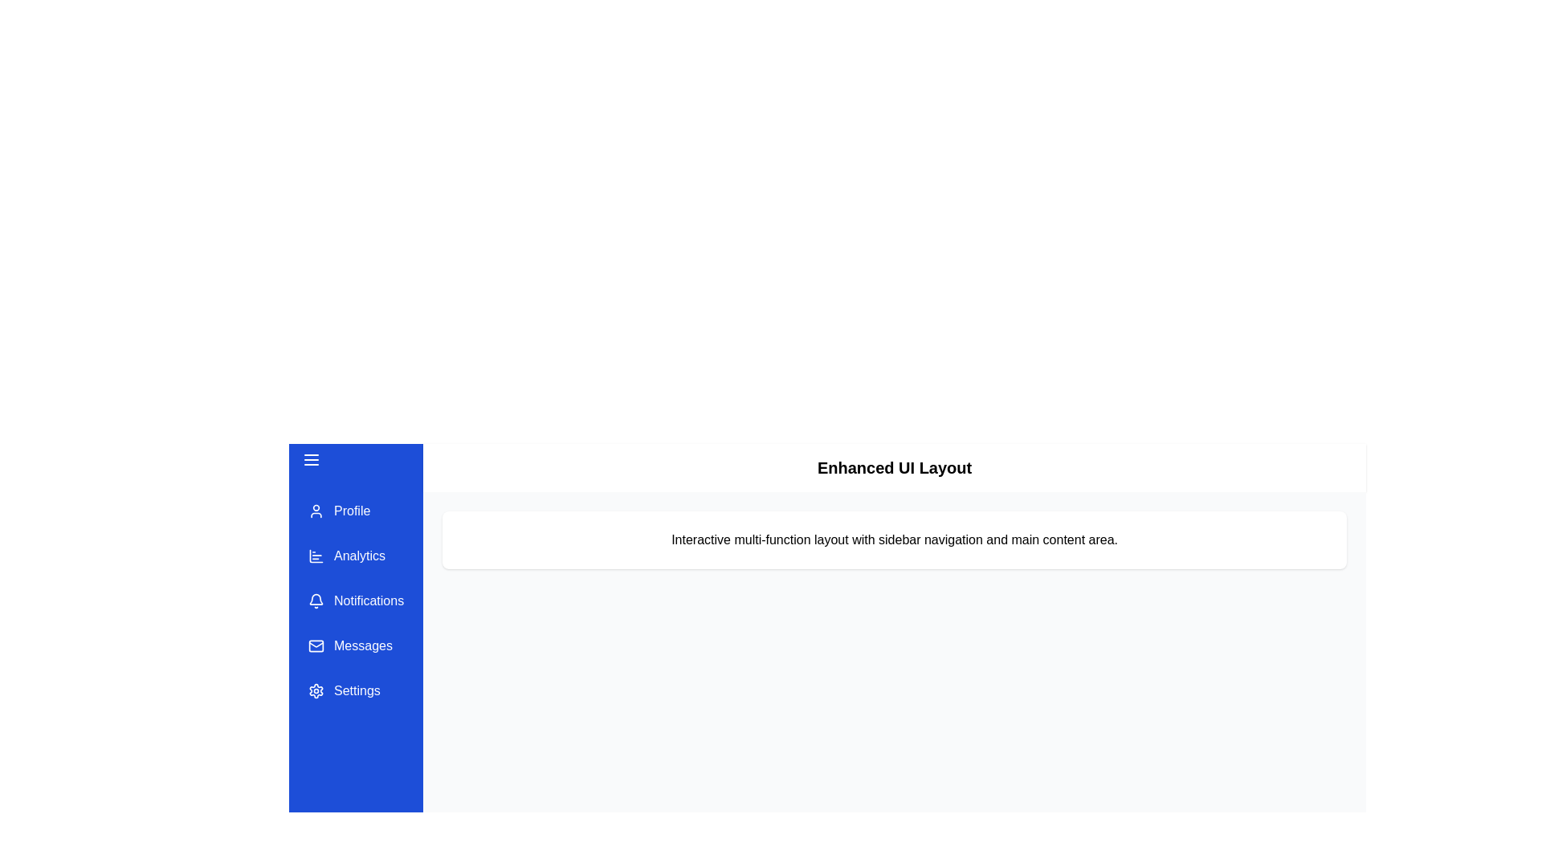 Image resolution: width=1542 pixels, height=867 pixels. What do you see at coordinates (316, 511) in the screenshot?
I see `the user profile icon with a blue background located on the left sidebar, preceding the 'Profile' text label` at bounding box center [316, 511].